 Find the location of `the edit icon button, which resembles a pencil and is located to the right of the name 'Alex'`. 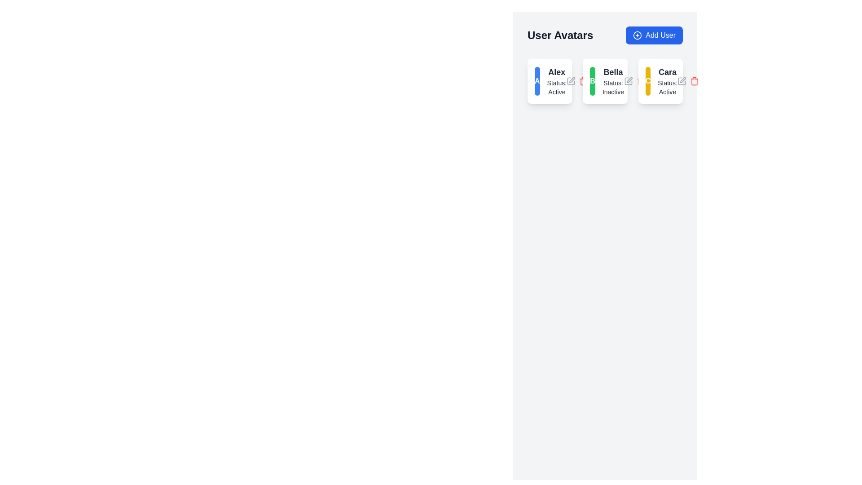

the edit icon button, which resembles a pencil and is located to the right of the name 'Alex' is located at coordinates (571, 81).